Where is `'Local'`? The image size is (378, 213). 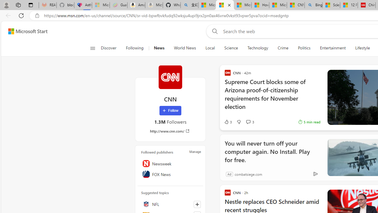
'Local' is located at coordinates (210, 48).